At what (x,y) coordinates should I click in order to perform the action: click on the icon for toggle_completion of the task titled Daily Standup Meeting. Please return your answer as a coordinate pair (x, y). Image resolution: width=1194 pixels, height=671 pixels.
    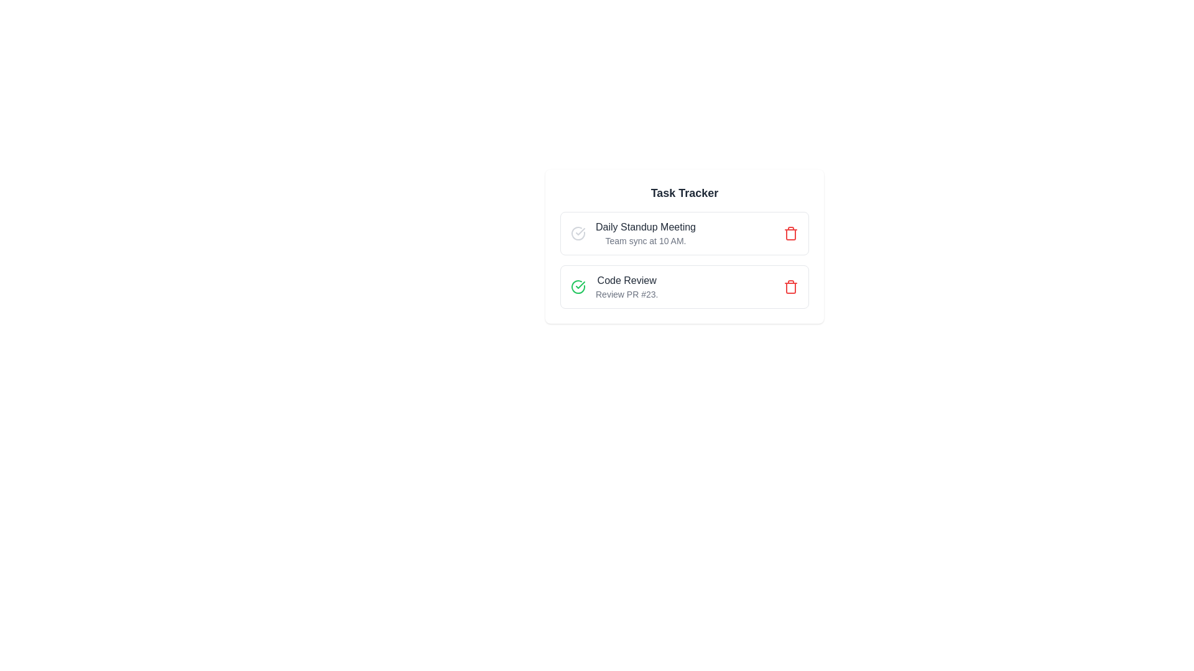
    Looking at the image, I should click on (578, 233).